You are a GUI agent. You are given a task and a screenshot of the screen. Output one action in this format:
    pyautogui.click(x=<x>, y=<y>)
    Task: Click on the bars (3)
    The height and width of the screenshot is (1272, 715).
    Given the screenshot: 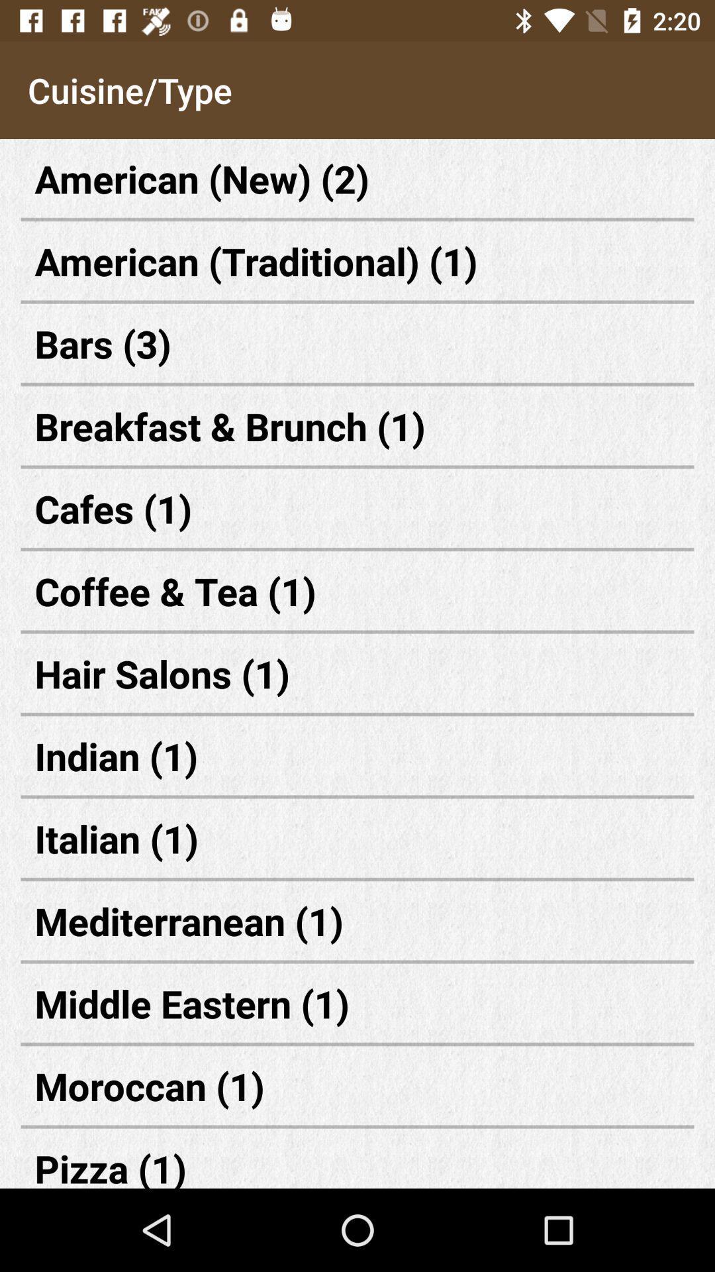 What is the action you would take?
    pyautogui.click(x=358, y=343)
    